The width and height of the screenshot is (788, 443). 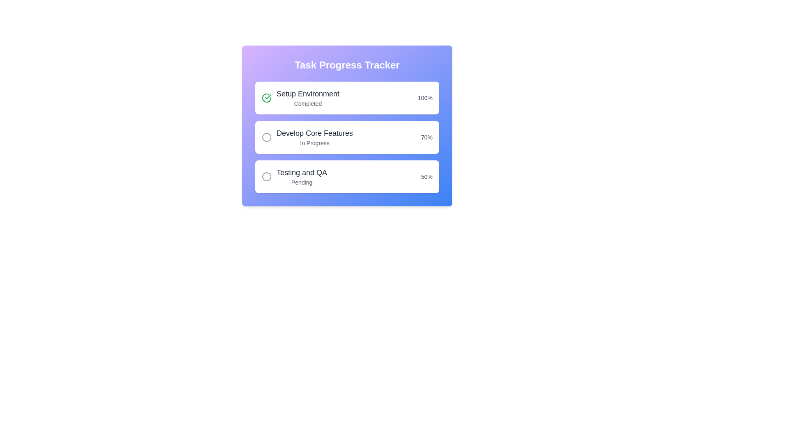 What do you see at coordinates (266, 137) in the screenshot?
I see `the state of the circular icon with a gray outline indicating an unfinished or progress state, located in the second row of the progress tracker panel before the 'Develop Core Features' text` at bounding box center [266, 137].